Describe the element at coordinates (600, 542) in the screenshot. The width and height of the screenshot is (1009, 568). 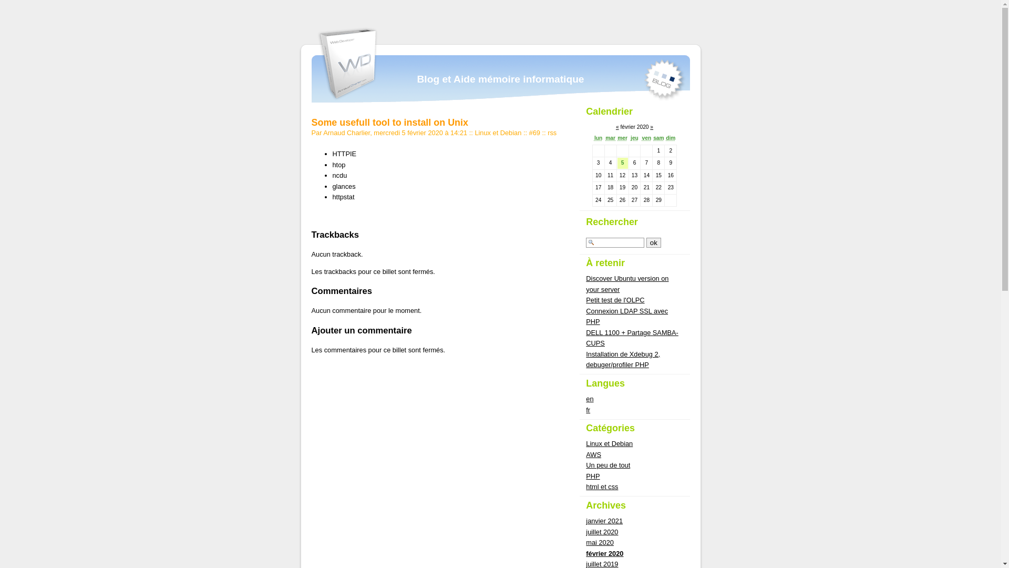
I see `'mai 2020'` at that location.